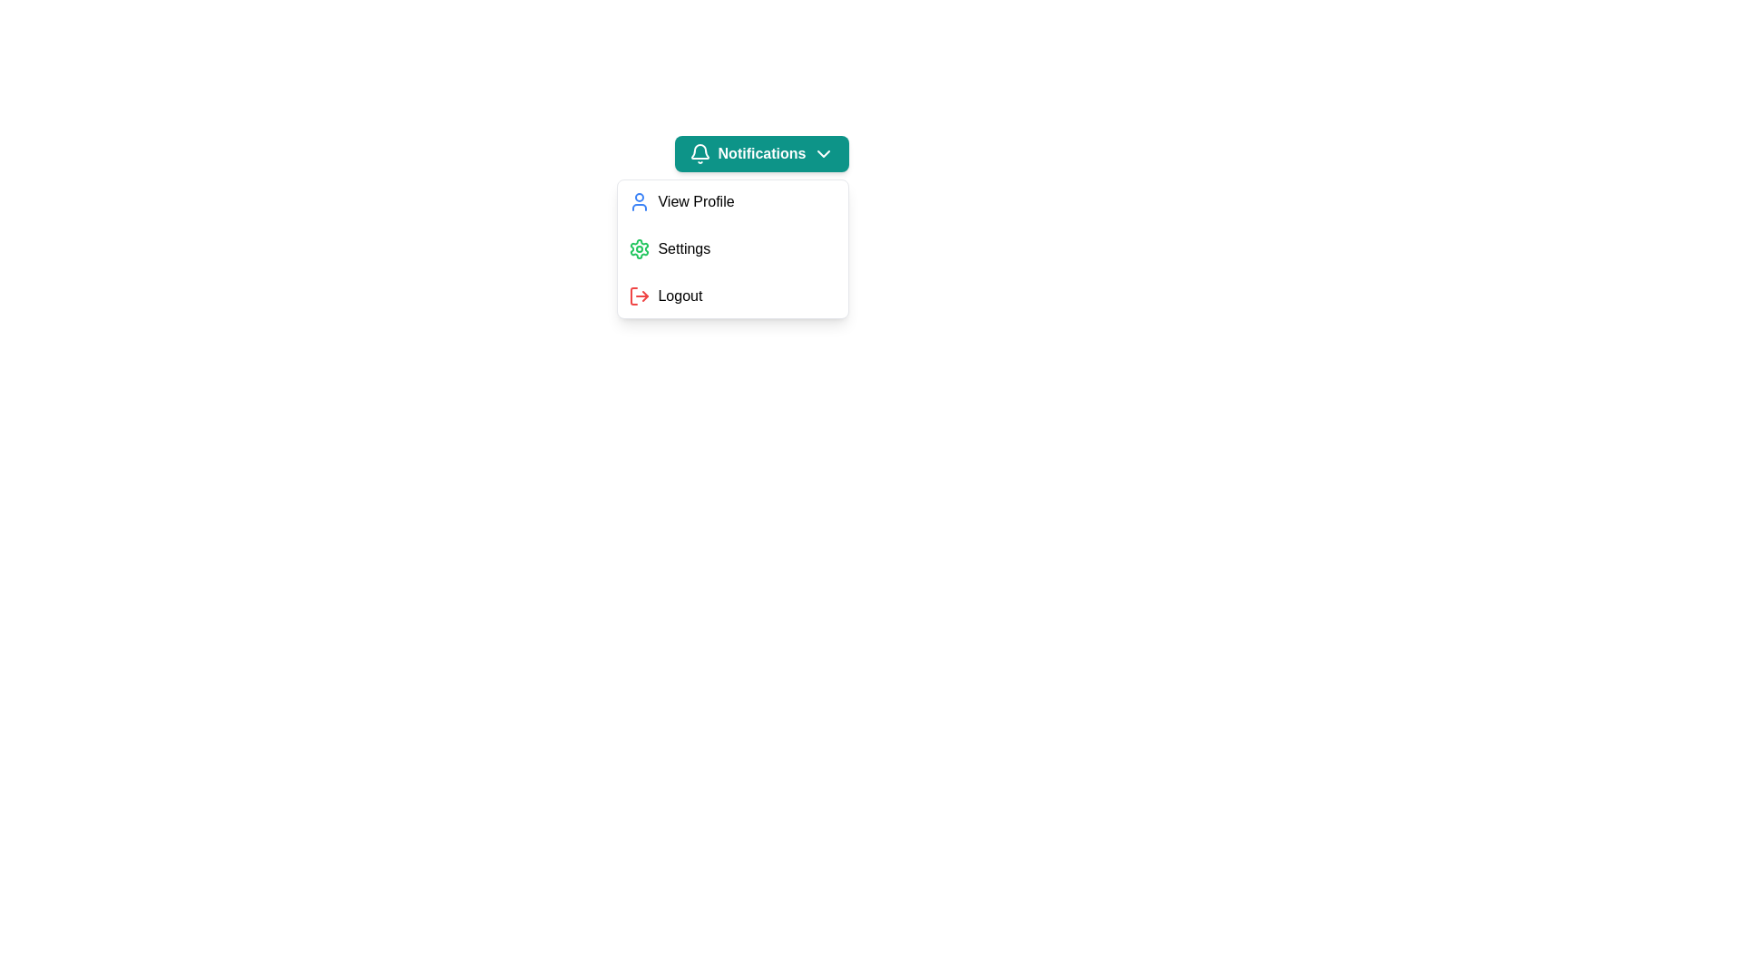 The width and height of the screenshot is (1742, 979). I want to click on the menu item Logout to inspect it, so click(732, 296).